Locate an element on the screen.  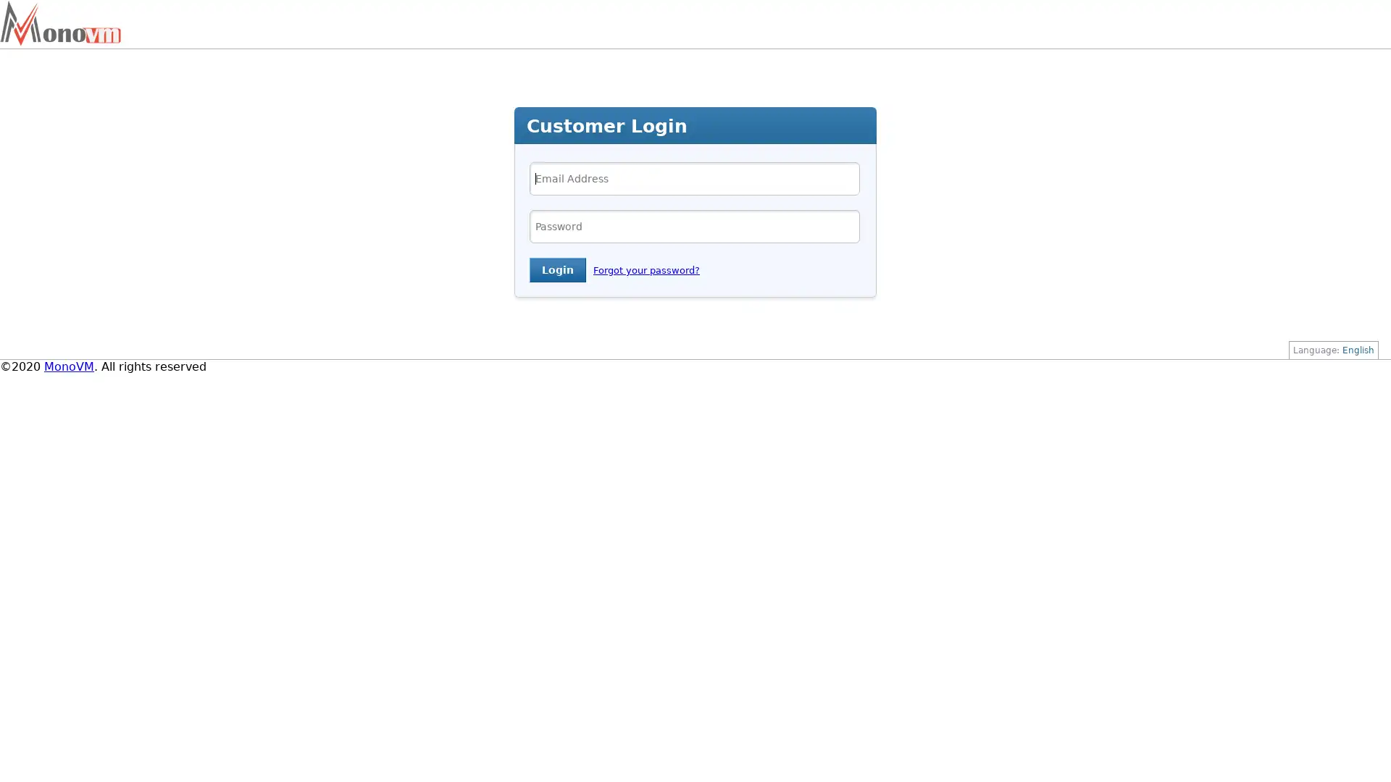
Login is located at coordinates (556, 270).